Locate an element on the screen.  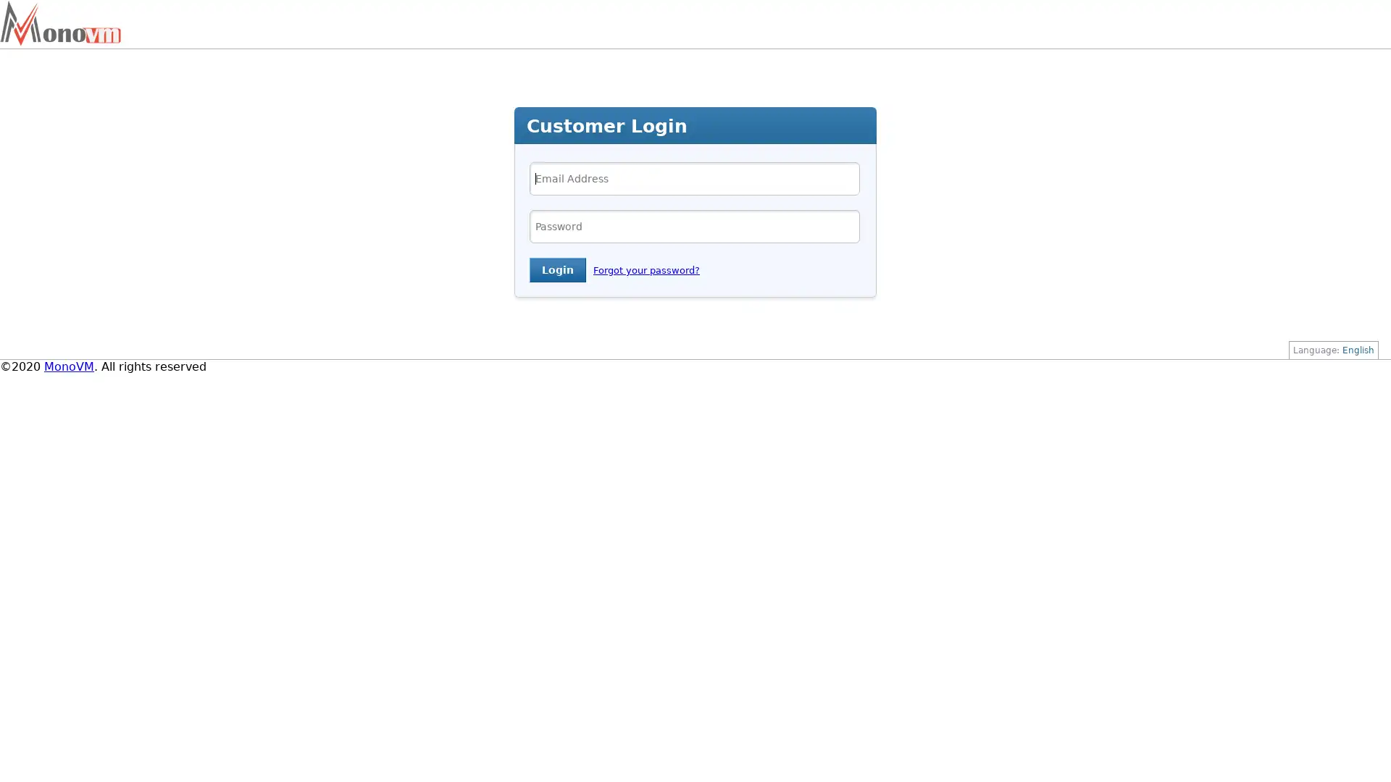
Login is located at coordinates (556, 270).